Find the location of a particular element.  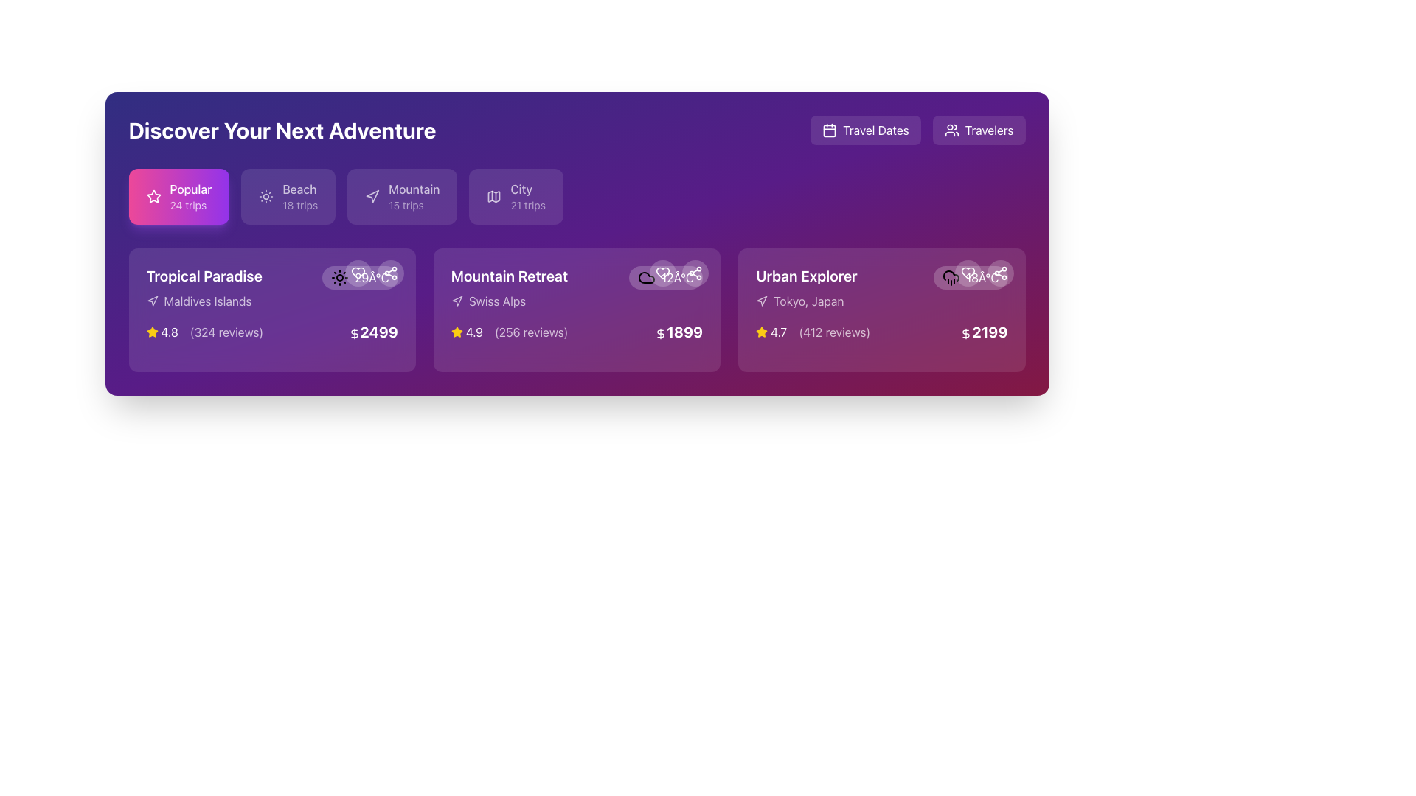

the text label within the button component located at the top-right area of the interface is located at coordinates (875, 130).